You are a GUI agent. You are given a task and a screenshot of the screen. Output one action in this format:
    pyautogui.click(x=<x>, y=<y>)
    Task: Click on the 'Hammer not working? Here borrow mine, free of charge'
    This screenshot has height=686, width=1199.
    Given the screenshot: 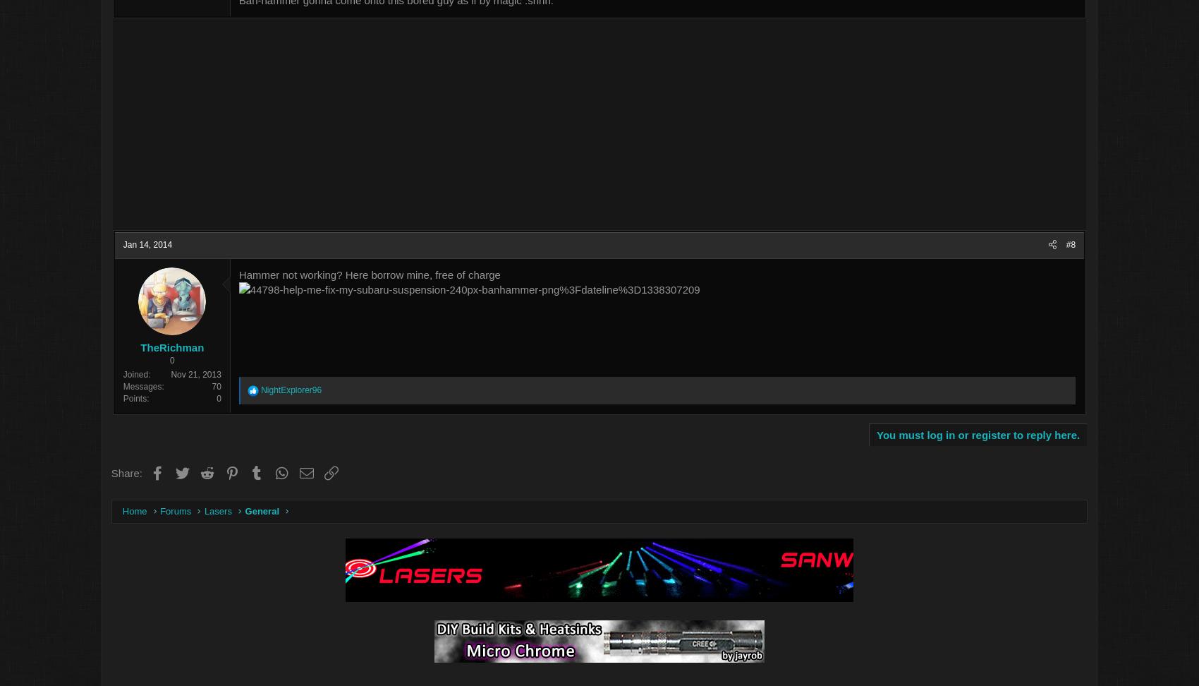 What is the action you would take?
    pyautogui.click(x=445, y=275)
    